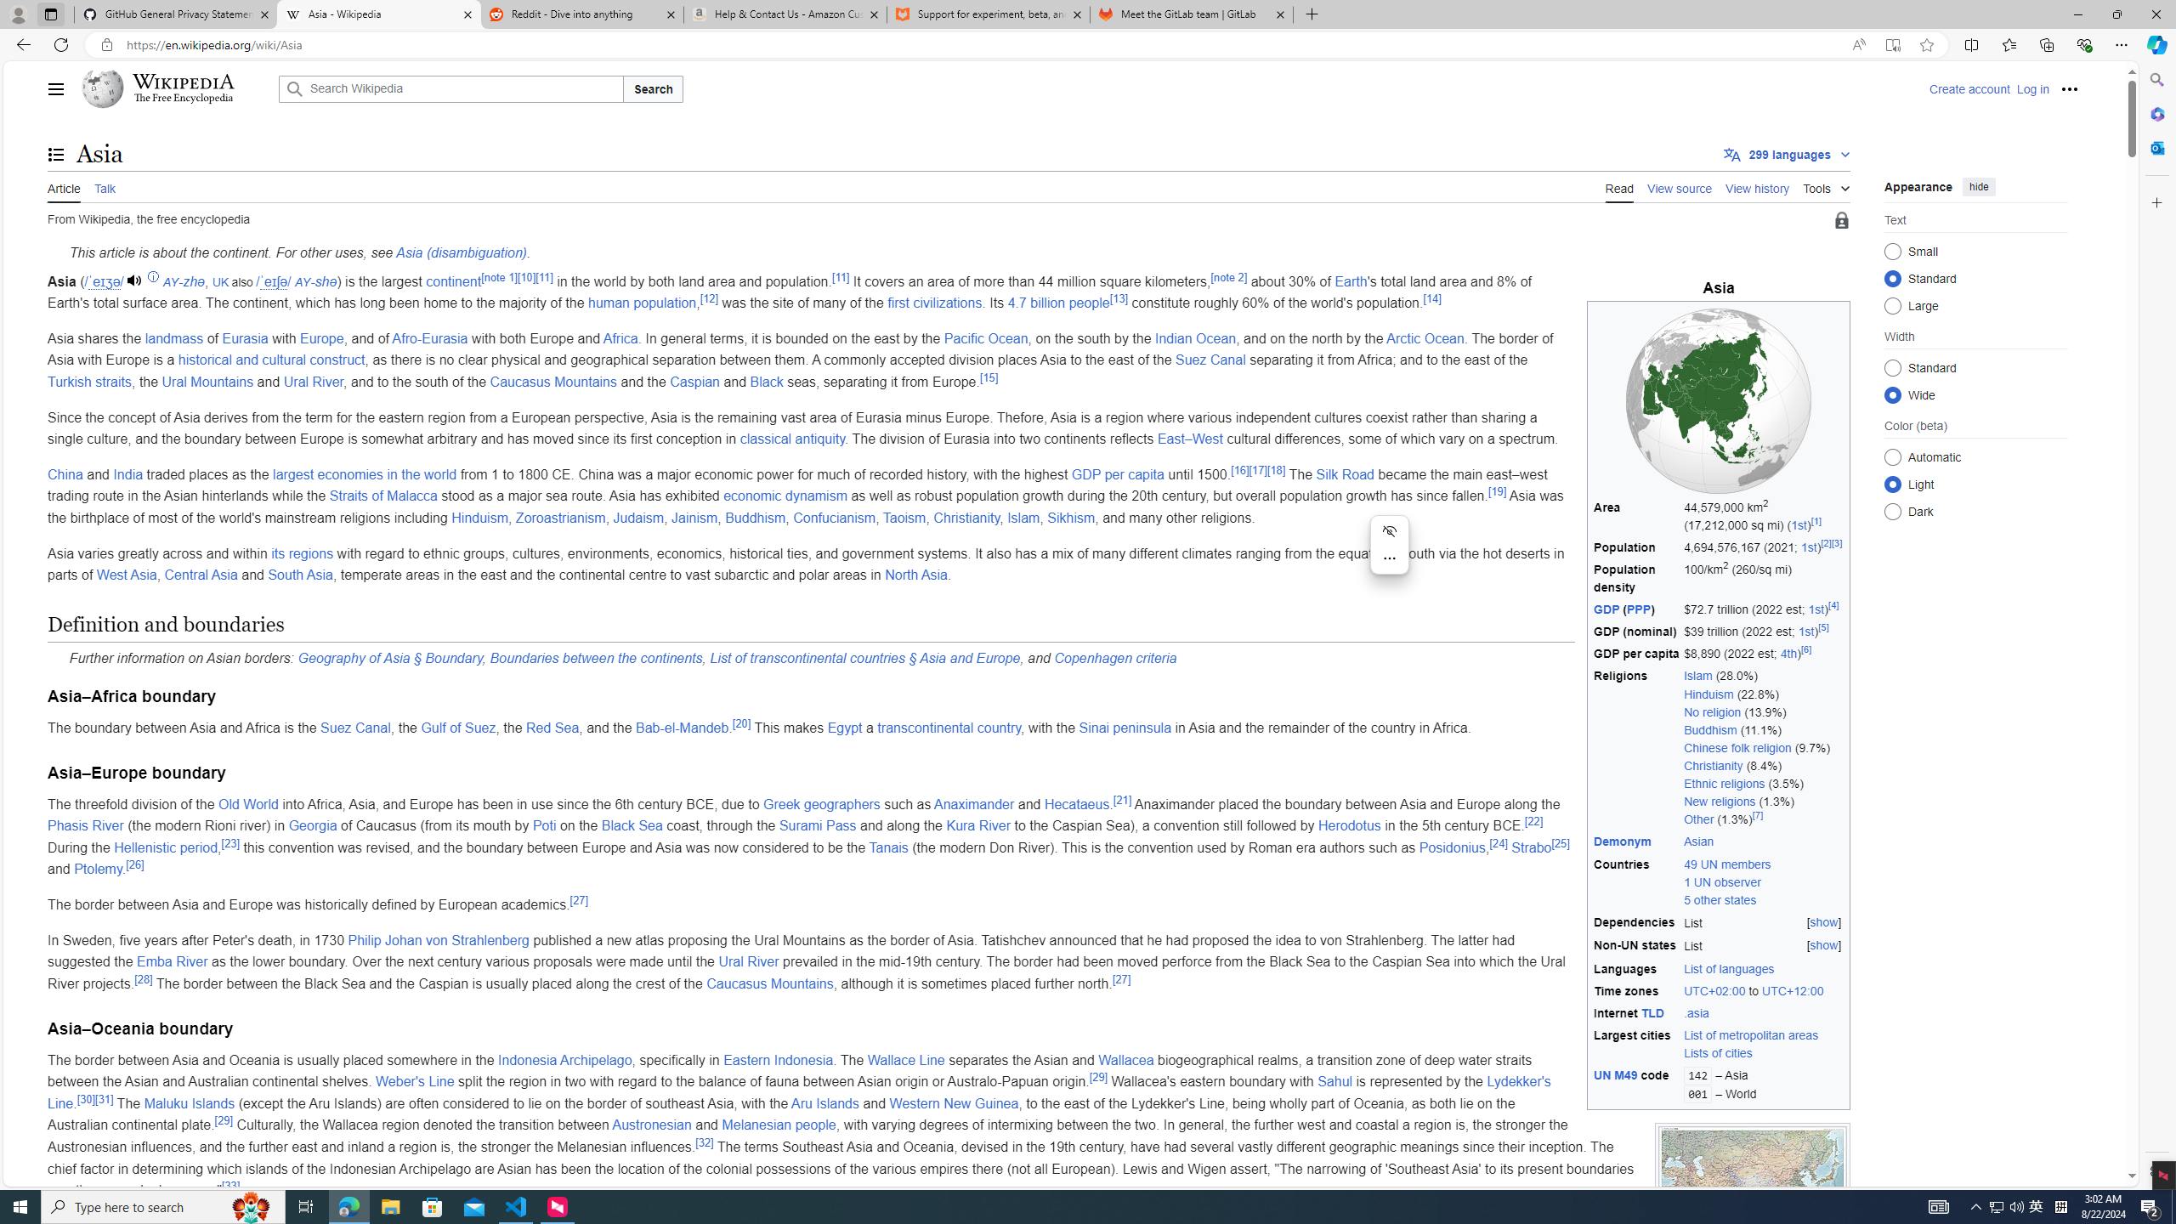  Describe the element at coordinates (821, 803) in the screenshot. I see `'Greek geographers'` at that location.